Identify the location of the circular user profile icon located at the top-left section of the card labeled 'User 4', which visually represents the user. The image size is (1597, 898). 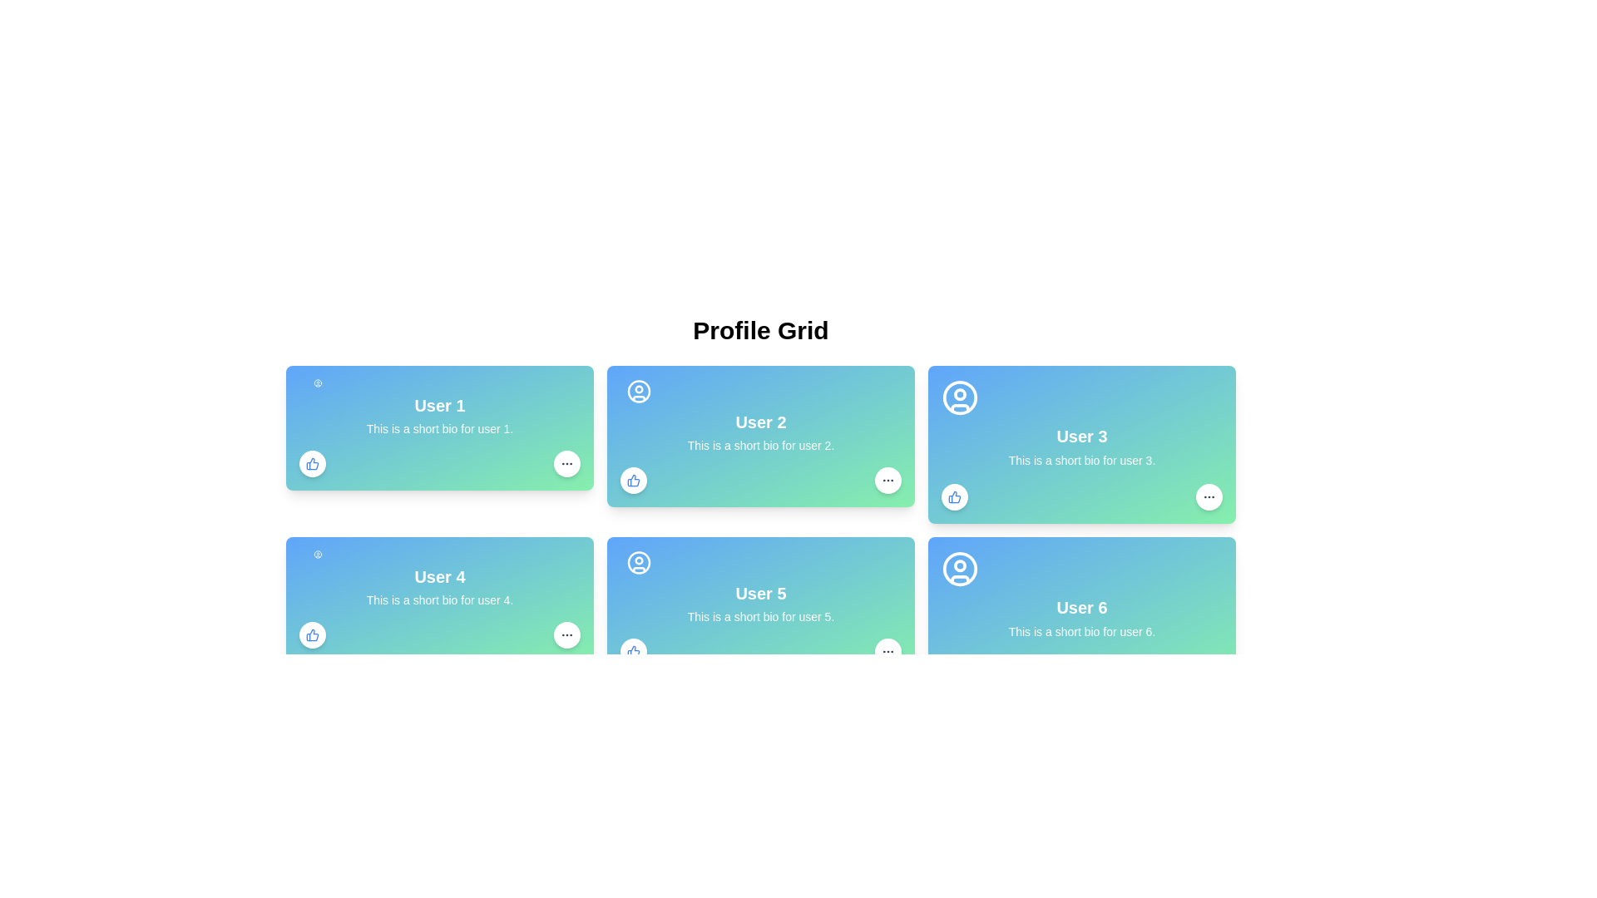
(318, 555).